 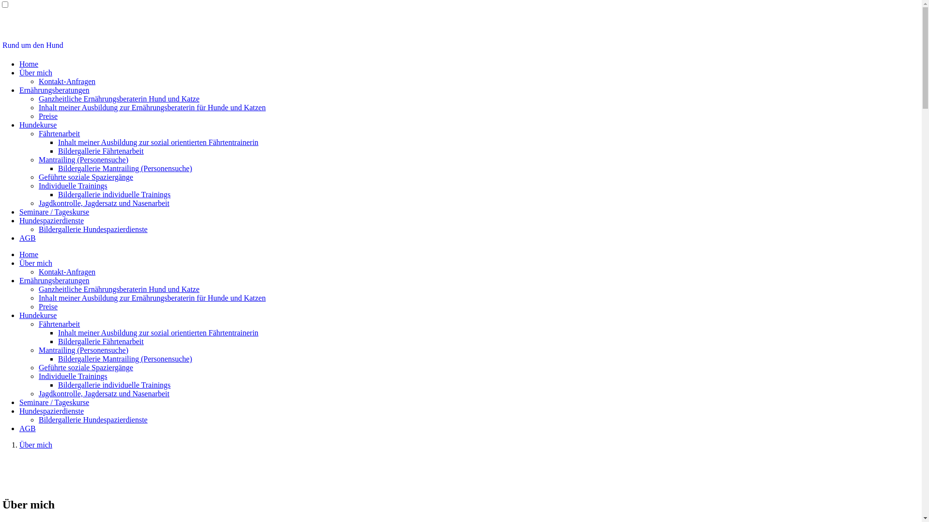 I want to click on 'Hundespazierdienste', so click(x=51, y=220).